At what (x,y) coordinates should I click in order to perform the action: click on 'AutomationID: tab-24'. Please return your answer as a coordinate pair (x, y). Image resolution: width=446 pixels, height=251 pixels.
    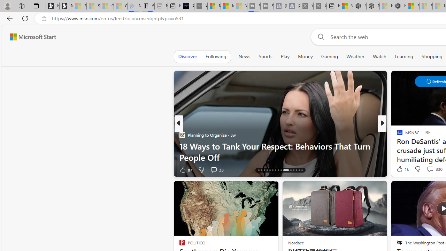
    Looking at the image, I should click on (281, 170).